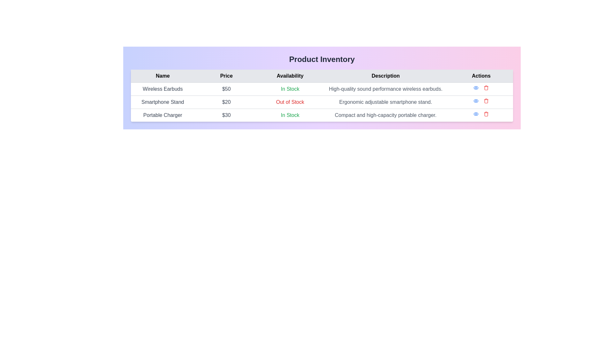  Describe the element at coordinates (290, 89) in the screenshot. I see `the static text label indicating the stock status of 'Wireless Earbuds', which shows 'In Stock' in the 'Availability' column of the product inventory table` at that location.